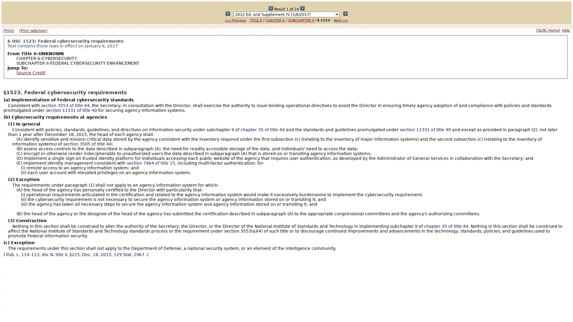 The height and width of the screenshot is (322, 573). What do you see at coordinates (270, 8) in the screenshot?
I see `Submit` at bounding box center [270, 8].